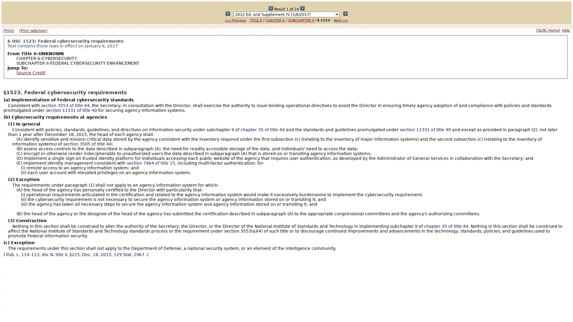 The height and width of the screenshot is (322, 573). What do you see at coordinates (270, 8) in the screenshot?
I see `Submit` at bounding box center [270, 8].